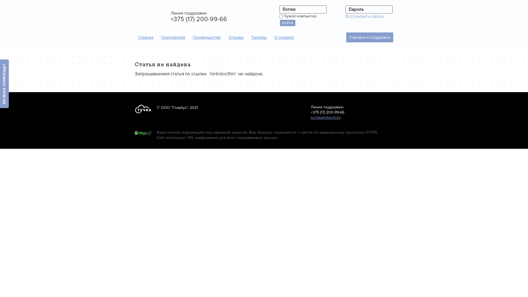  Describe the element at coordinates (326, 117) in the screenshot. I see `'tuchka@gbsoft.by'` at that location.